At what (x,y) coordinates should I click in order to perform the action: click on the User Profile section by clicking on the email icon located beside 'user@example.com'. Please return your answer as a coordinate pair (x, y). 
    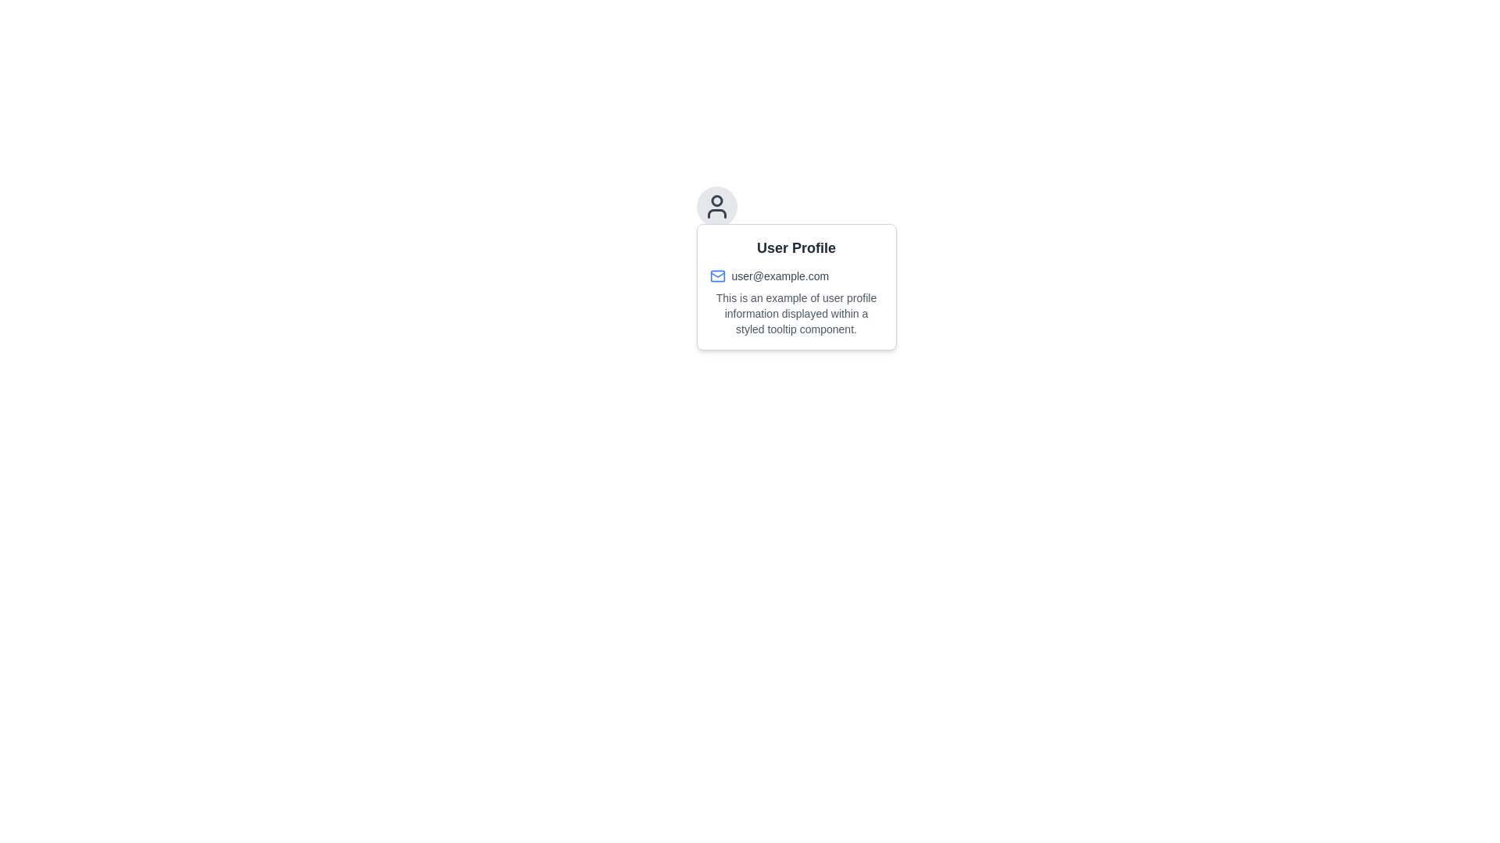
    Looking at the image, I should click on (716, 276).